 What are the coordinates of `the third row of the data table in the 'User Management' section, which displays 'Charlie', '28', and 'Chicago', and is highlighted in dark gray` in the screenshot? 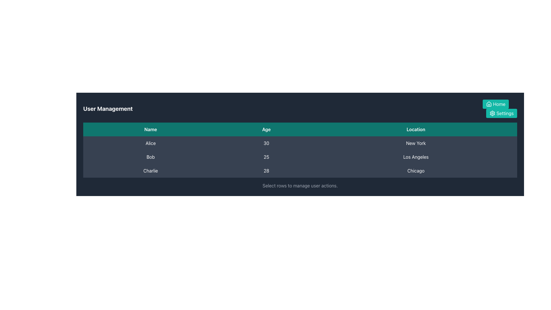 It's located at (300, 170).